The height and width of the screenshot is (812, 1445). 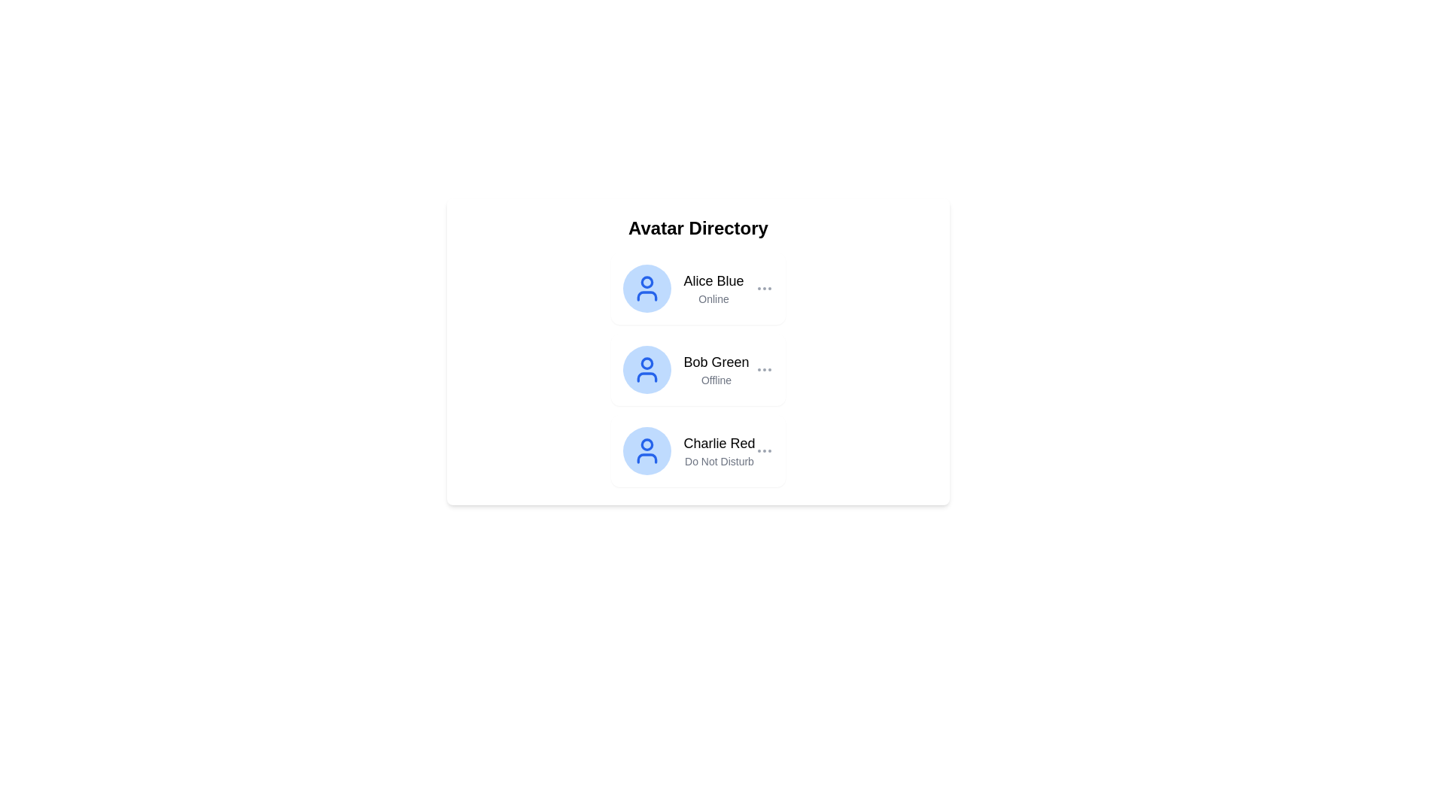 What do you see at coordinates (713, 289) in the screenshot?
I see `the text label displaying 'Alice Blue' and 'Online', which is positioned in the Avatar Directory, aligned to the right of the circular avatar` at bounding box center [713, 289].